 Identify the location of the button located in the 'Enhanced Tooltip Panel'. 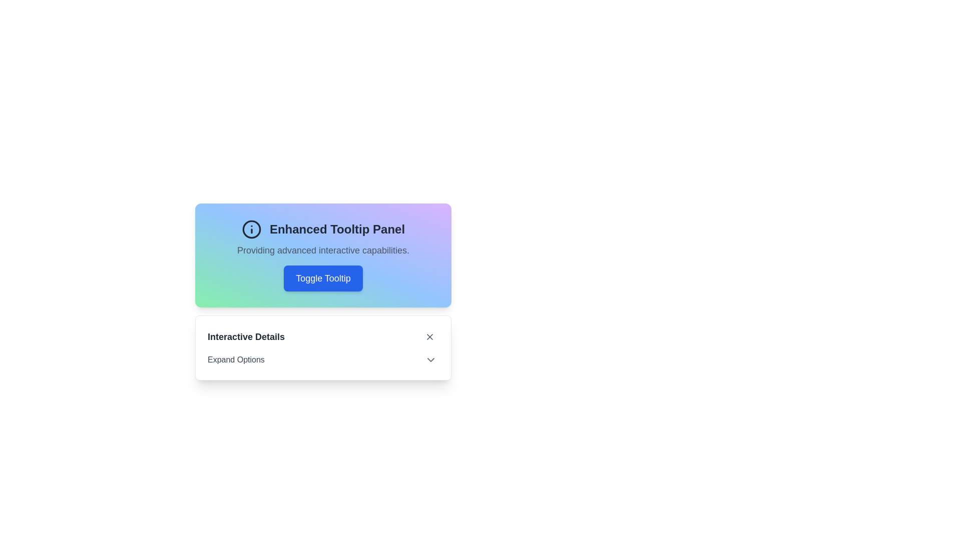
(323, 278).